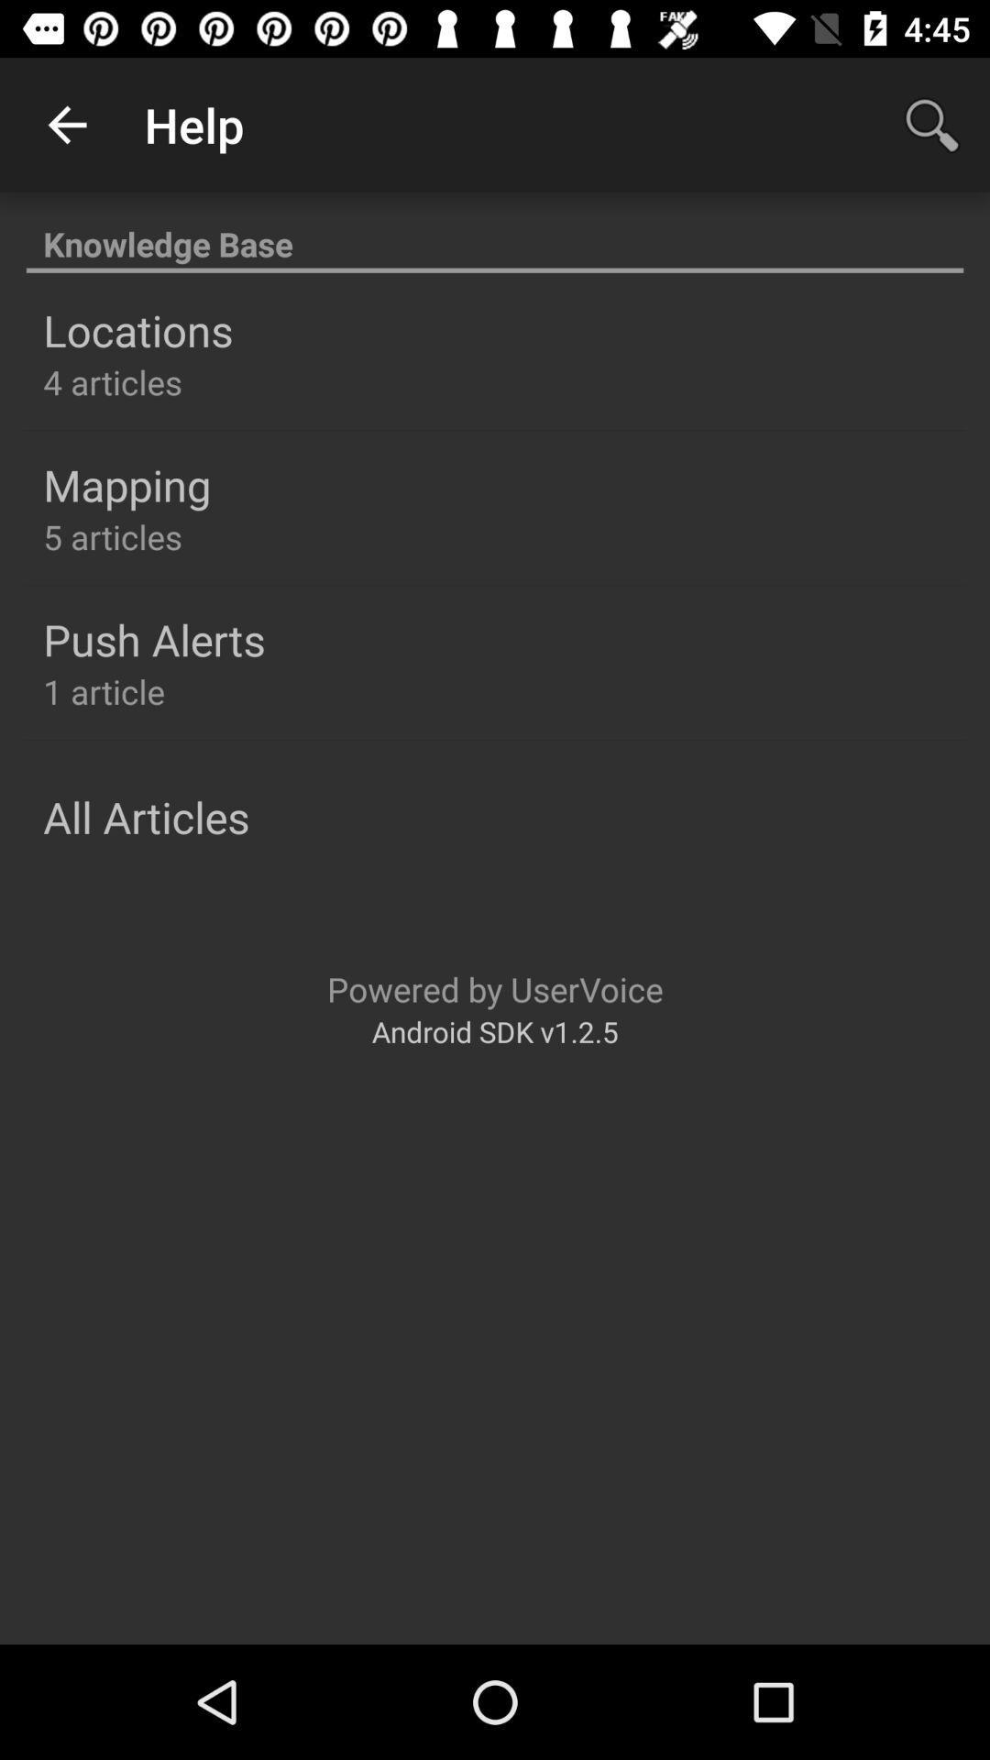 The height and width of the screenshot is (1760, 990). Describe the element at coordinates (104, 690) in the screenshot. I see `the 1 article icon` at that location.